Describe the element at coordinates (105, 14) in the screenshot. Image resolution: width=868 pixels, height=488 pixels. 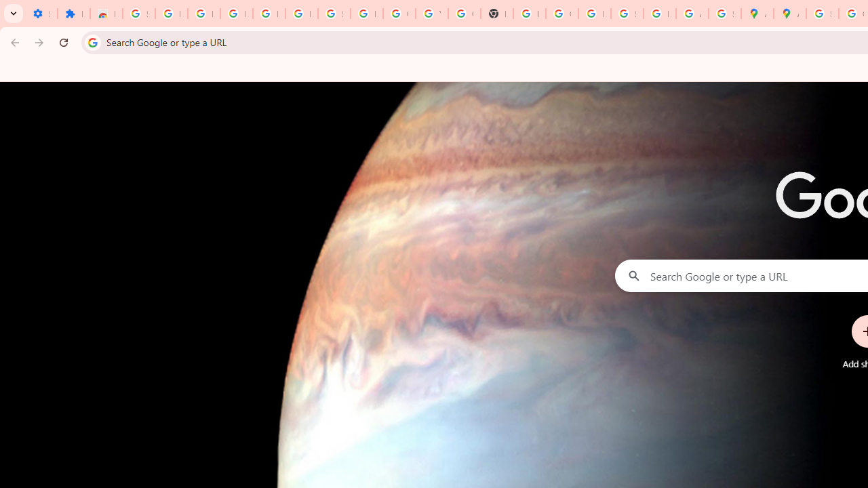
I see `'Reviews: Helix Fruit Jump Arcade Game'` at that location.